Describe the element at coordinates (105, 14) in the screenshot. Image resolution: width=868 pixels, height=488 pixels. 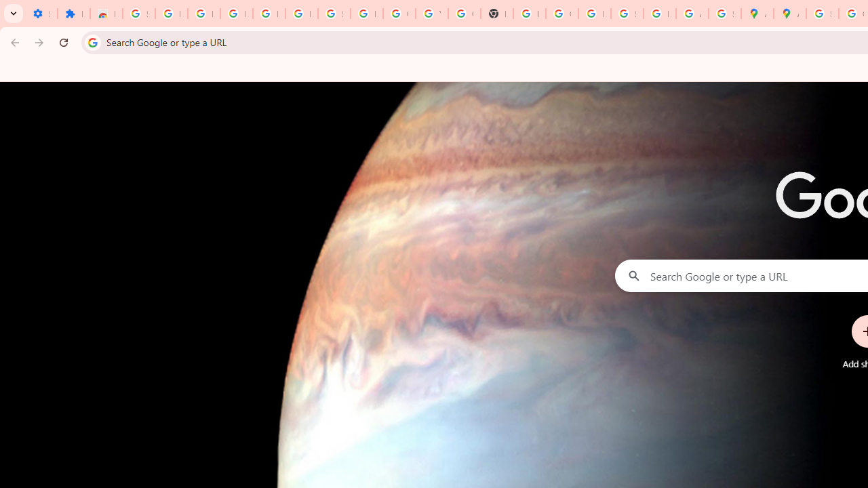
I see `'Reviews: Helix Fruit Jump Arcade Game'` at that location.